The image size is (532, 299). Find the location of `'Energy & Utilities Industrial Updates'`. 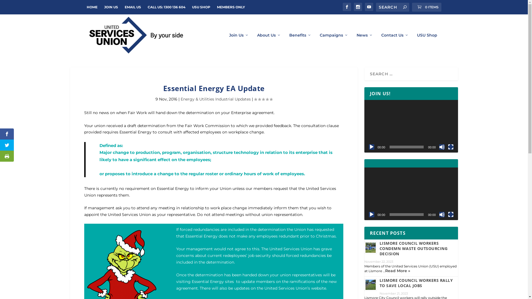

'Energy & Utilities Industrial Updates' is located at coordinates (215, 99).